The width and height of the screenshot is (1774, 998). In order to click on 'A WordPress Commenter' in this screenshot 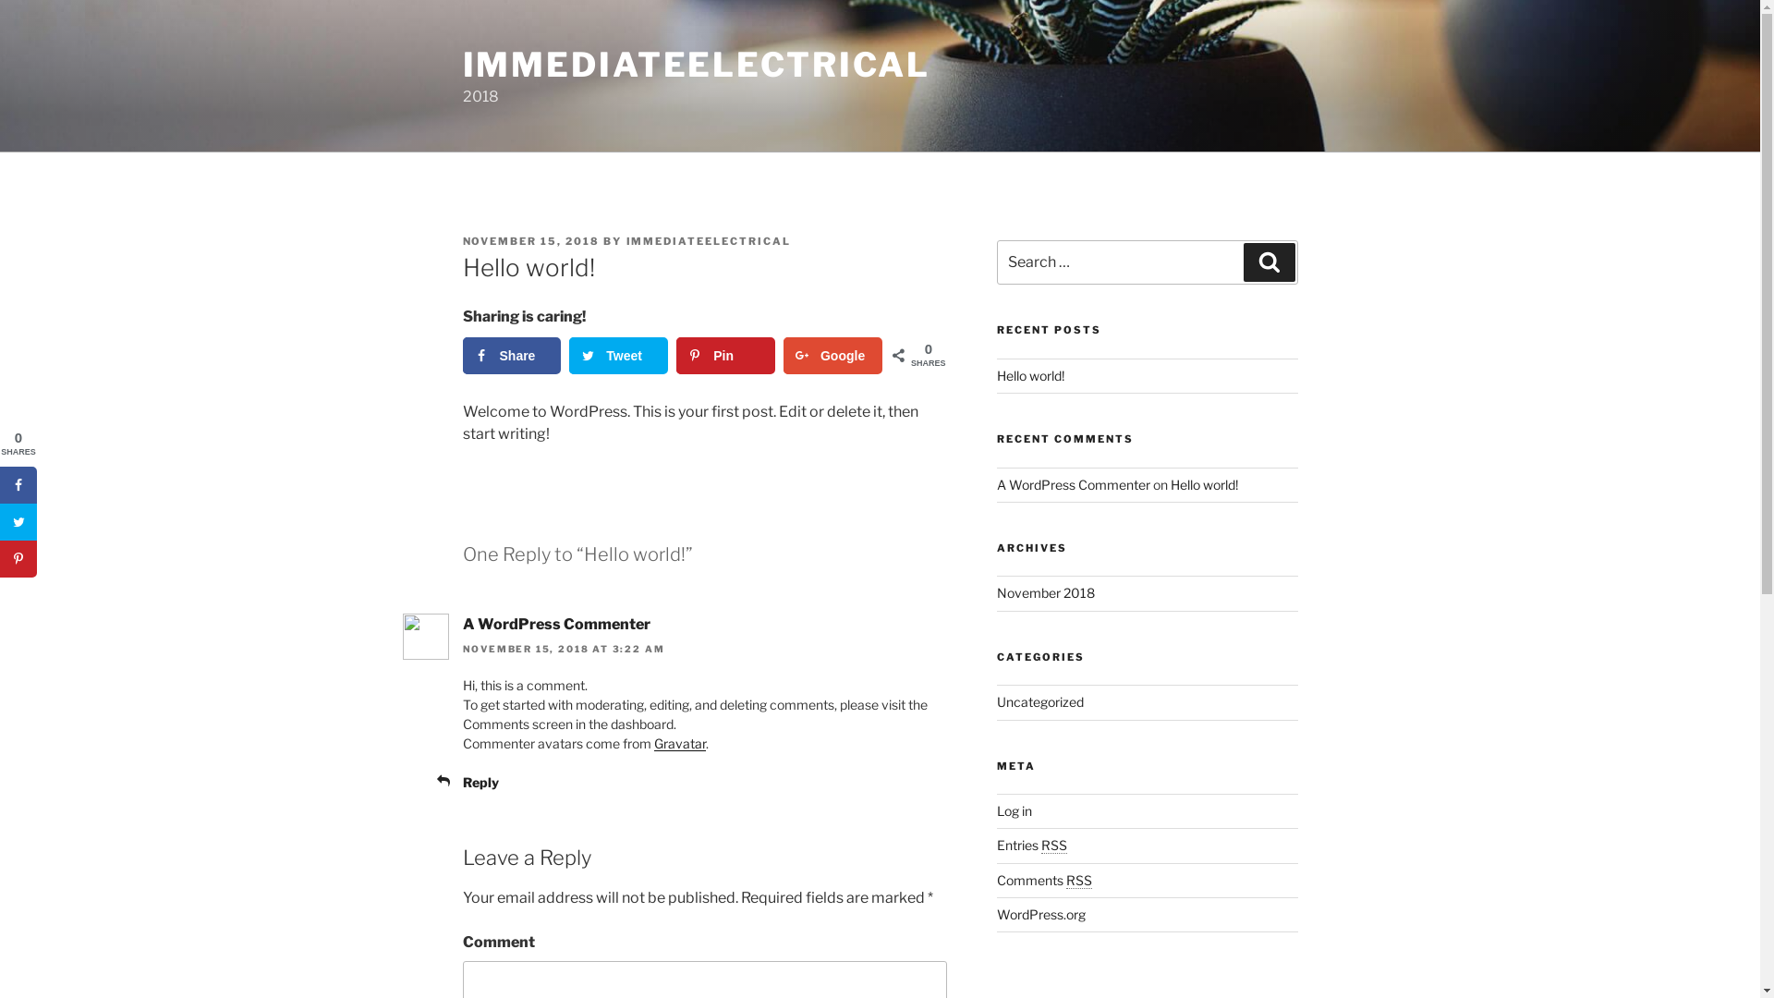, I will do `click(554, 624)`.